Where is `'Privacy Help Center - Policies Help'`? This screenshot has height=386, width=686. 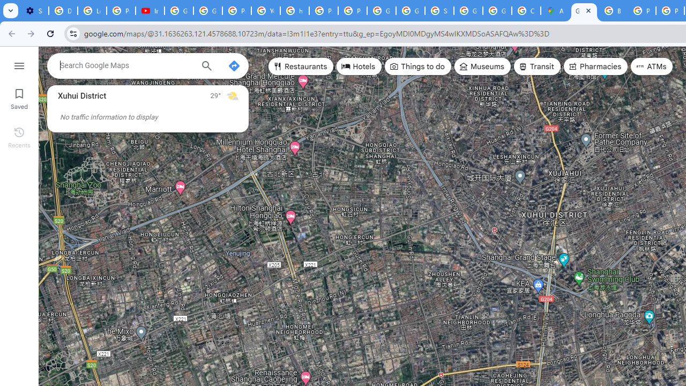
'Privacy Help Center - Policies Help' is located at coordinates (323, 11).